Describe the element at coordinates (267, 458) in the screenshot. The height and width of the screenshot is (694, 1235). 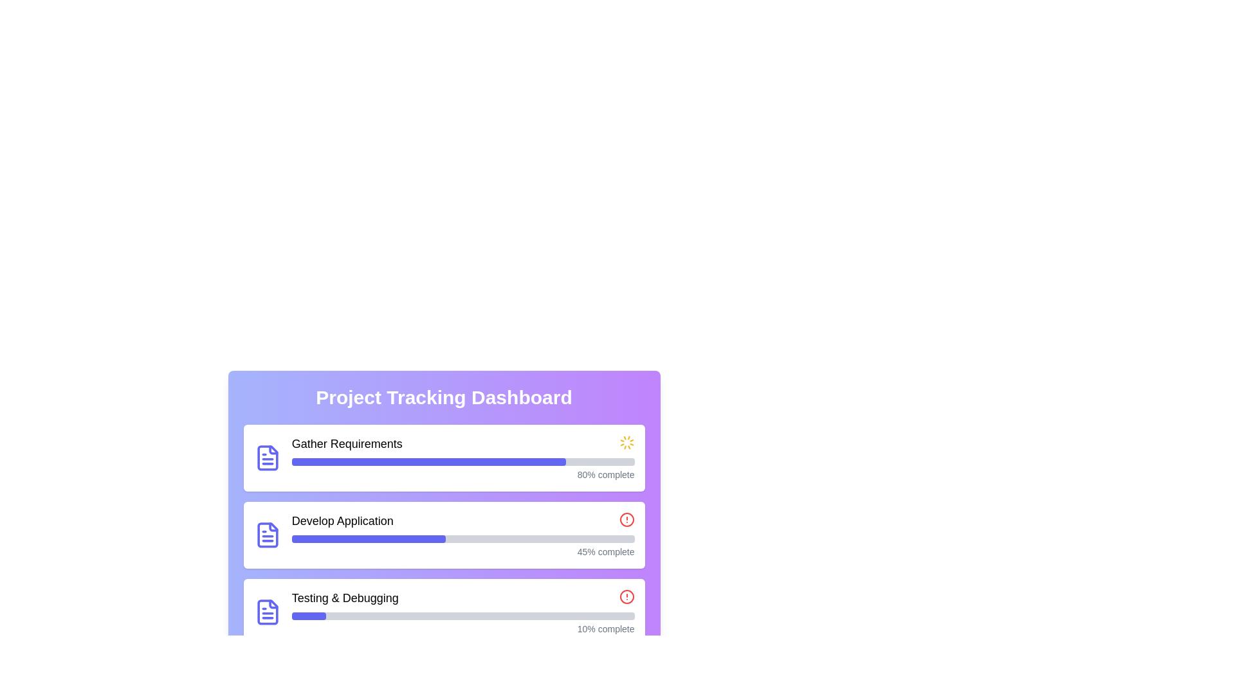
I see `the file icon with indigo accents located at the top-left corner of the 'Gather Requirements' card` at that location.